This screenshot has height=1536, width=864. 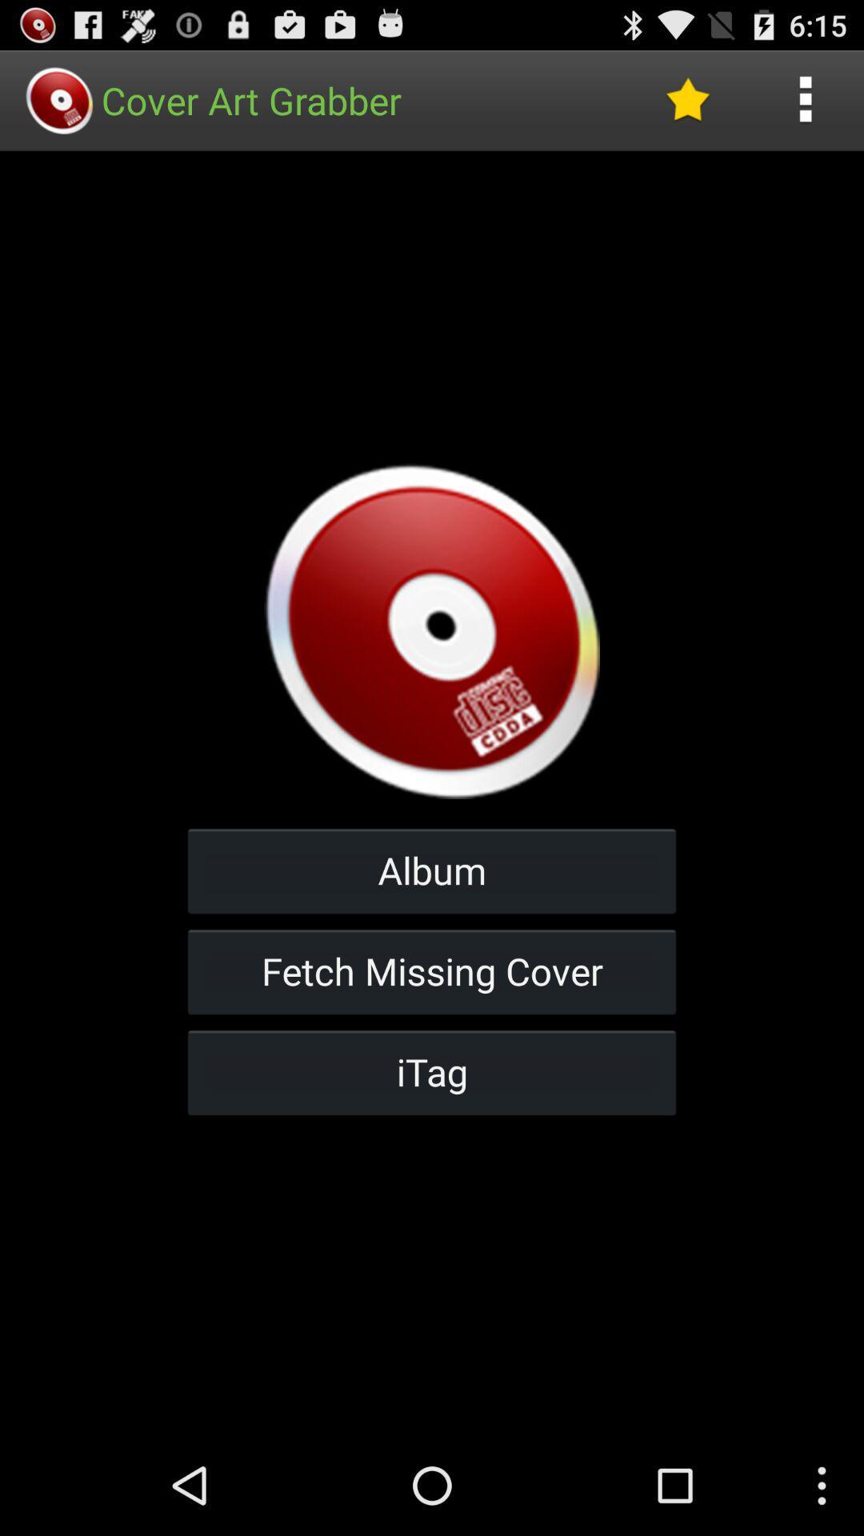 What do you see at coordinates (432, 1072) in the screenshot?
I see `itag` at bounding box center [432, 1072].